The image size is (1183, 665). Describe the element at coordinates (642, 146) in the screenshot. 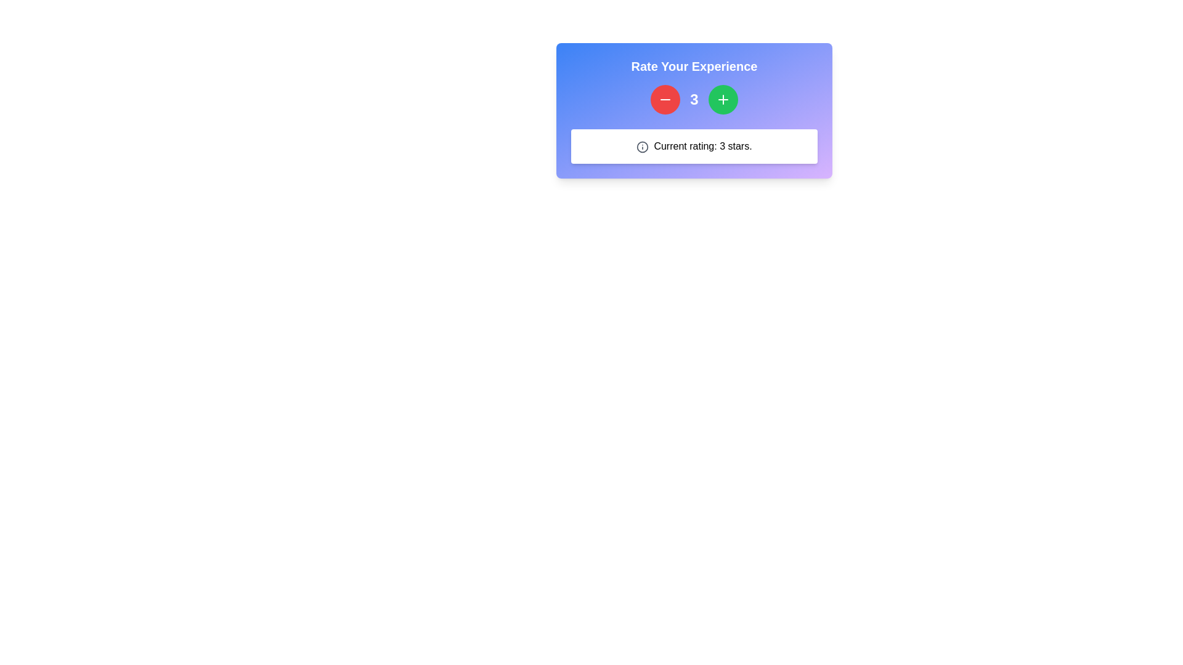

I see `the circular informational icon with an 'i' inside, which is positioned to the left of the text 'Current rating: 3 stars.'` at that location.